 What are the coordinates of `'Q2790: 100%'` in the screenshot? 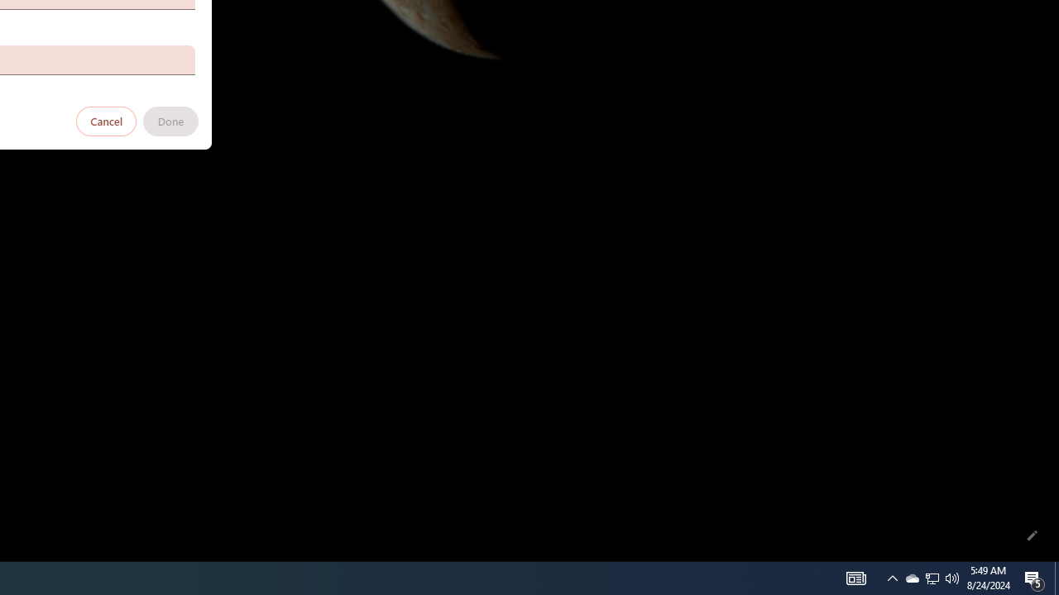 It's located at (952, 577).